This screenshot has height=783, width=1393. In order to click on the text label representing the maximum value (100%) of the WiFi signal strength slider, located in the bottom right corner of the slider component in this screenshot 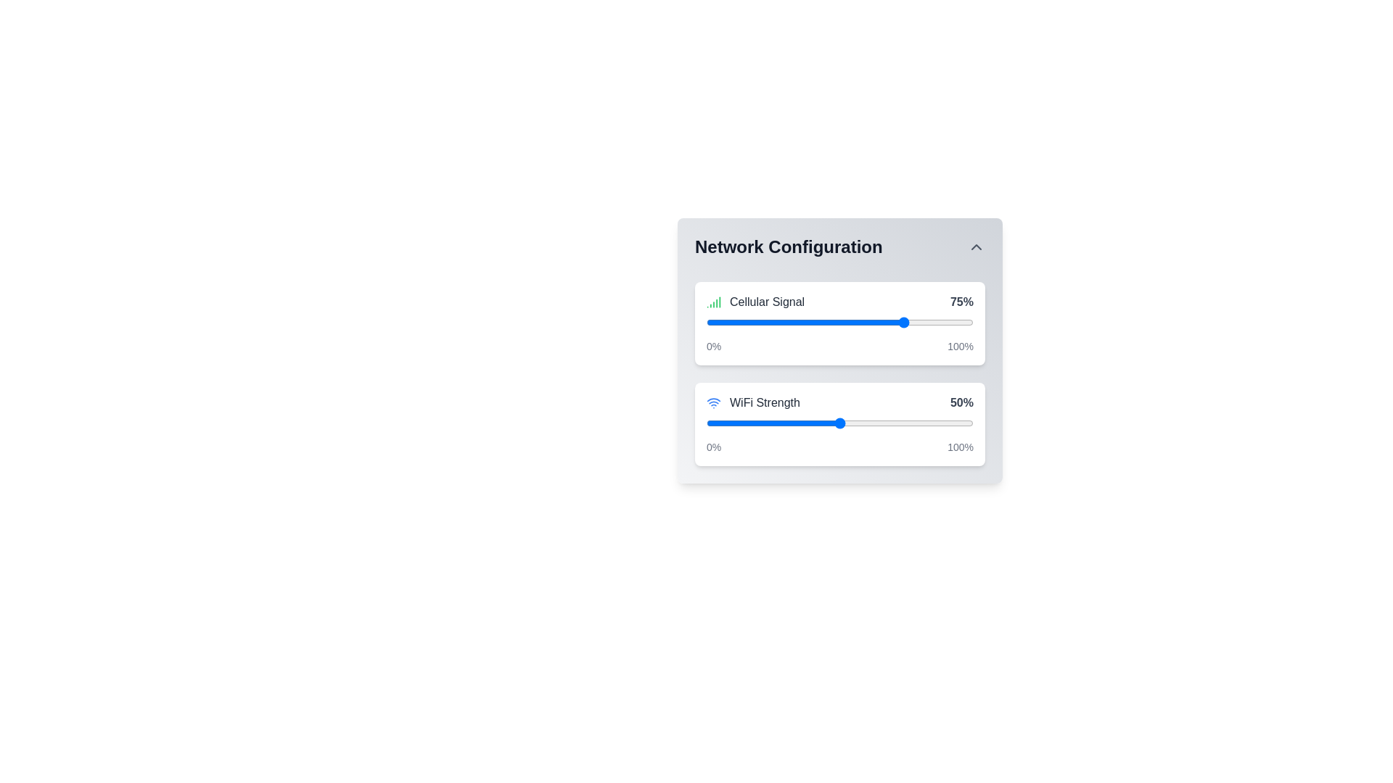, I will do `click(961, 447)`.